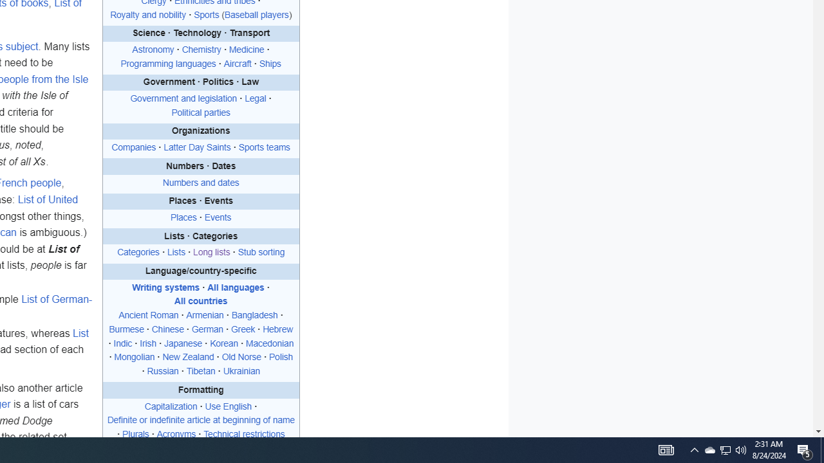 This screenshot has width=824, height=463. I want to click on 'Burmese', so click(126, 328).